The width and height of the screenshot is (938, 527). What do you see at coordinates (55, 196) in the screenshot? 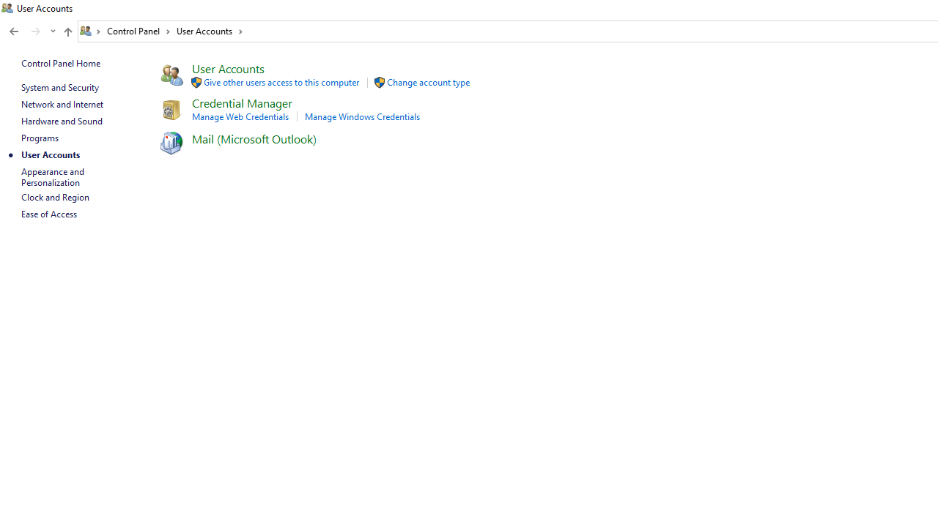
I see `'Clock and Region'` at bounding box center [55, 196].